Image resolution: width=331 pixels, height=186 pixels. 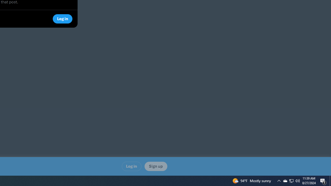 What do you see at coordinates (155, 166) in the screenshot?
I see `'Sign up'` at bounding box center [155, 166].